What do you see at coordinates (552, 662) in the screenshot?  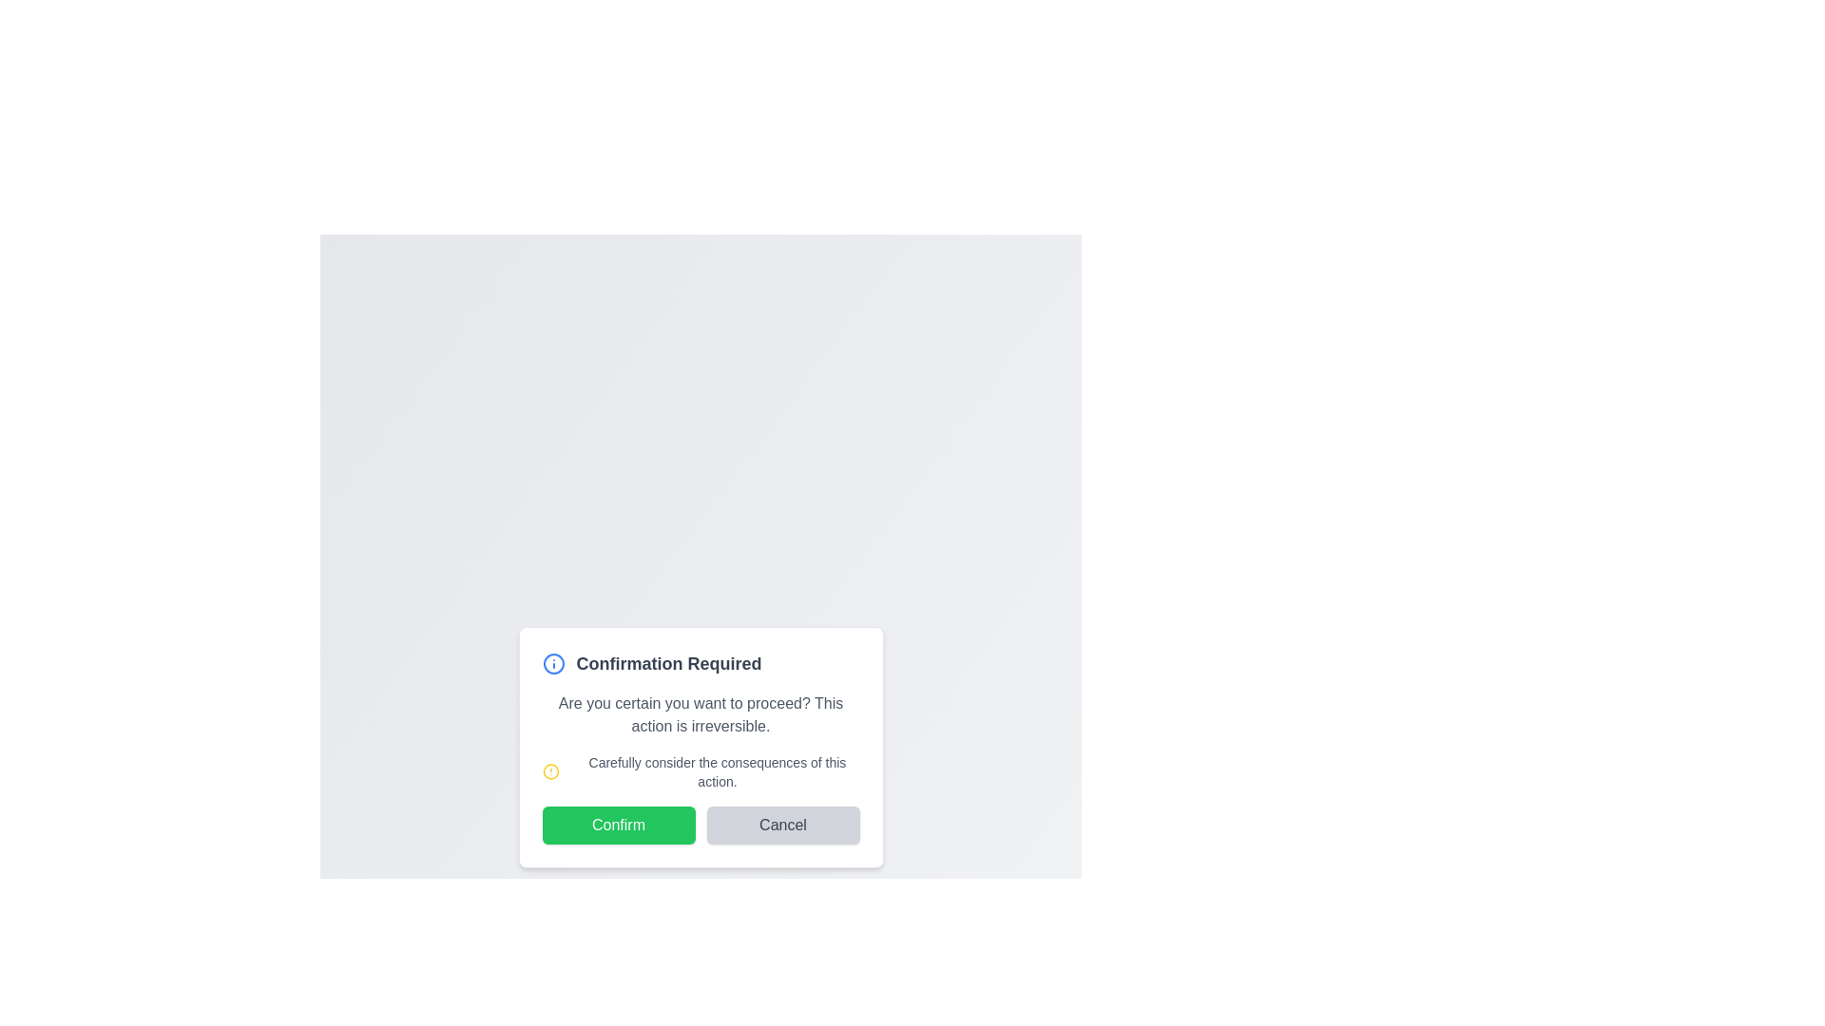 I see `the circular icon with a blue border and information symbol located to the left of the text 'Confirmation Required'` at bounding box center [552, 662].